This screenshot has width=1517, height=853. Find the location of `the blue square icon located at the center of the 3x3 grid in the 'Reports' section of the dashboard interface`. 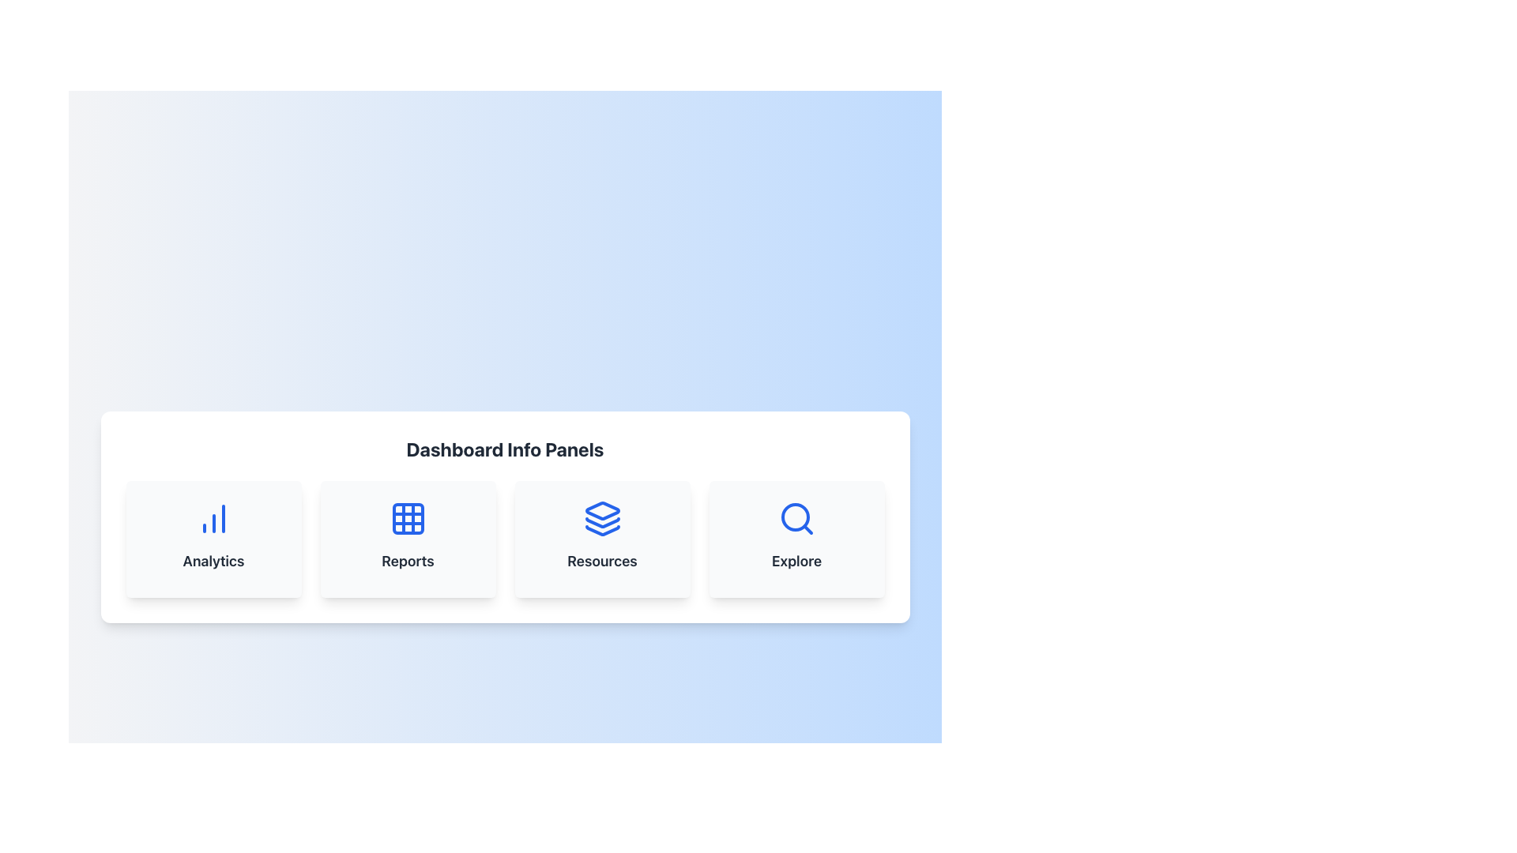

the blue square icon located at the center of the 3x3 grid in the 'Reports' section of the dashboard interface is located at coordinates (408, 518).